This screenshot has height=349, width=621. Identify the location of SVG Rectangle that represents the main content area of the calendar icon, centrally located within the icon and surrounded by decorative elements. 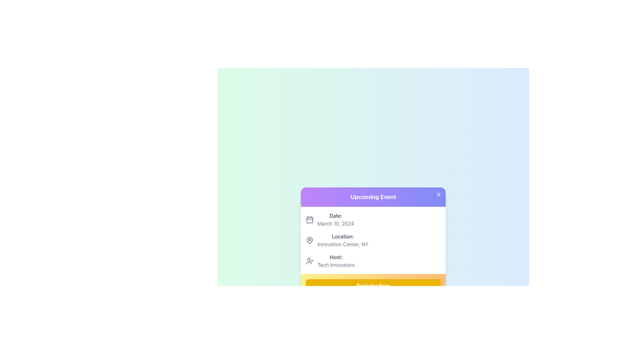
(310, 220).